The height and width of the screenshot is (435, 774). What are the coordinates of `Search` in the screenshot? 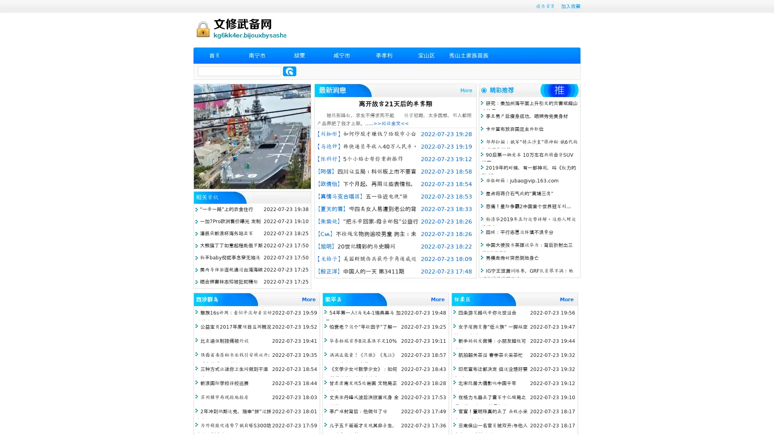 It's located at (289, 71).